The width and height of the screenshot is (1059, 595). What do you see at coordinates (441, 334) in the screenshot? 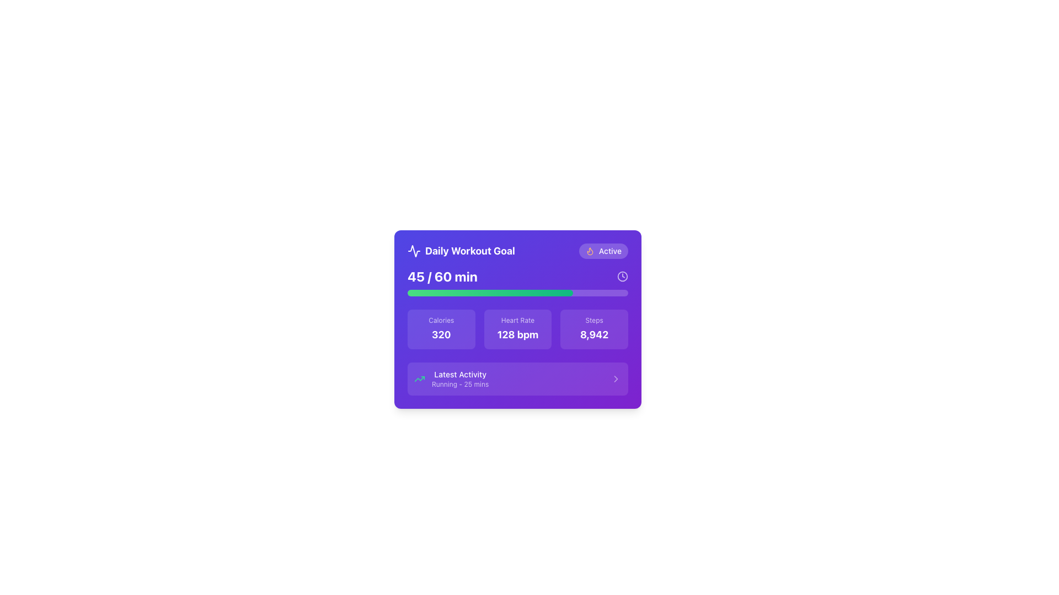
I see `the static text displaying the number '320' in bold, white font, located below the 'Calories' label` at bounding box center [441, 334].